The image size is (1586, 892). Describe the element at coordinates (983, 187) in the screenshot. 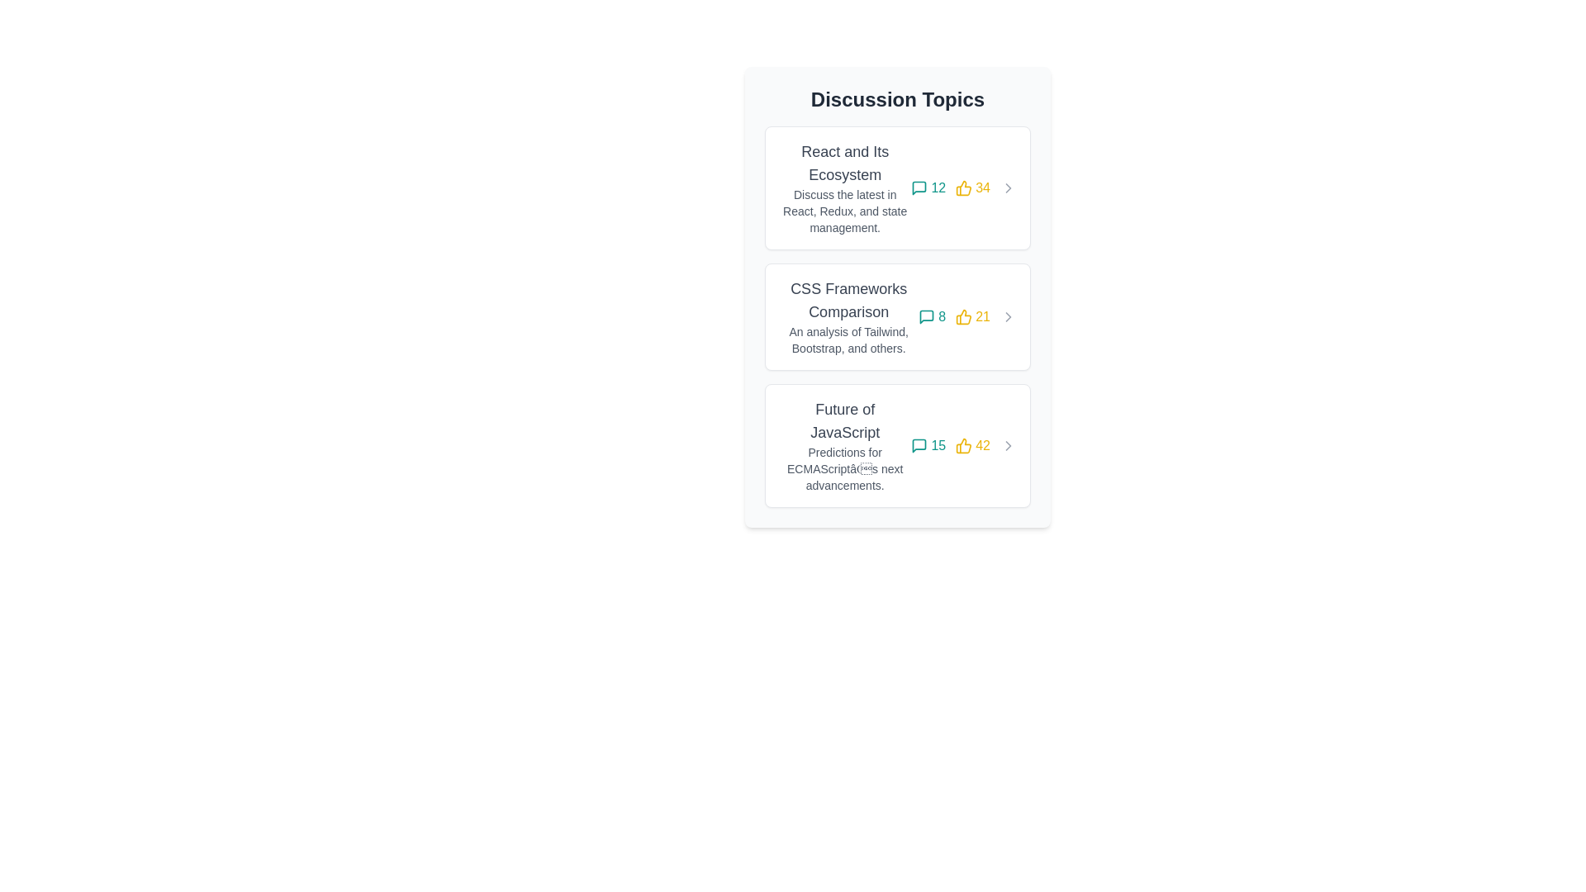

I see `the text label displaying the number '34' in yellow, located in the top-right of the first discussion card, next to the thumbs-up icon` at that location.